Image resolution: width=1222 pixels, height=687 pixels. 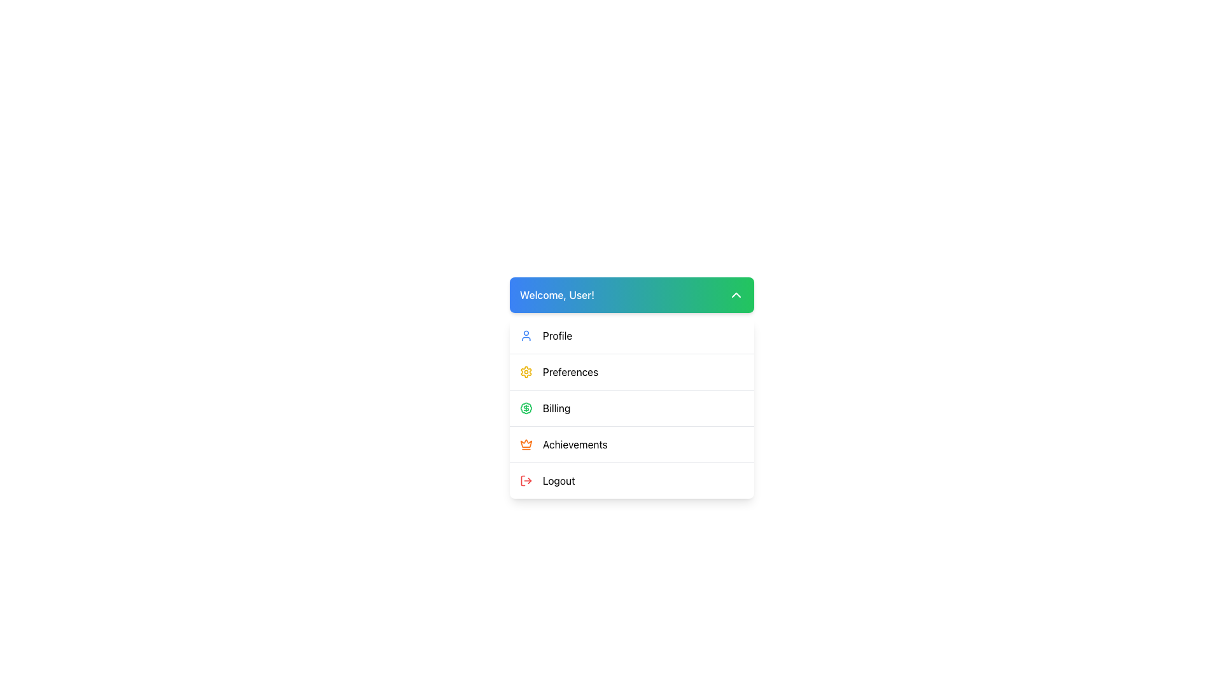 I want to click on the button located in the dropdown menu, which is positioned beneath the 'Preferences' row and above the 'Achievements' row, so click(x=632, y=408).